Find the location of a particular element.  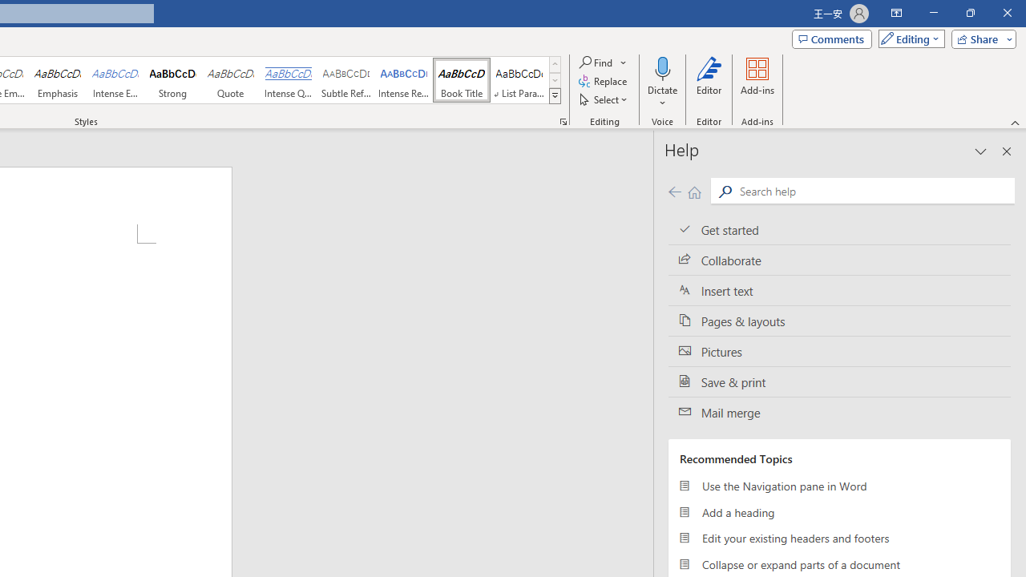

'Collaborate' is located at coordinates (838, 260).